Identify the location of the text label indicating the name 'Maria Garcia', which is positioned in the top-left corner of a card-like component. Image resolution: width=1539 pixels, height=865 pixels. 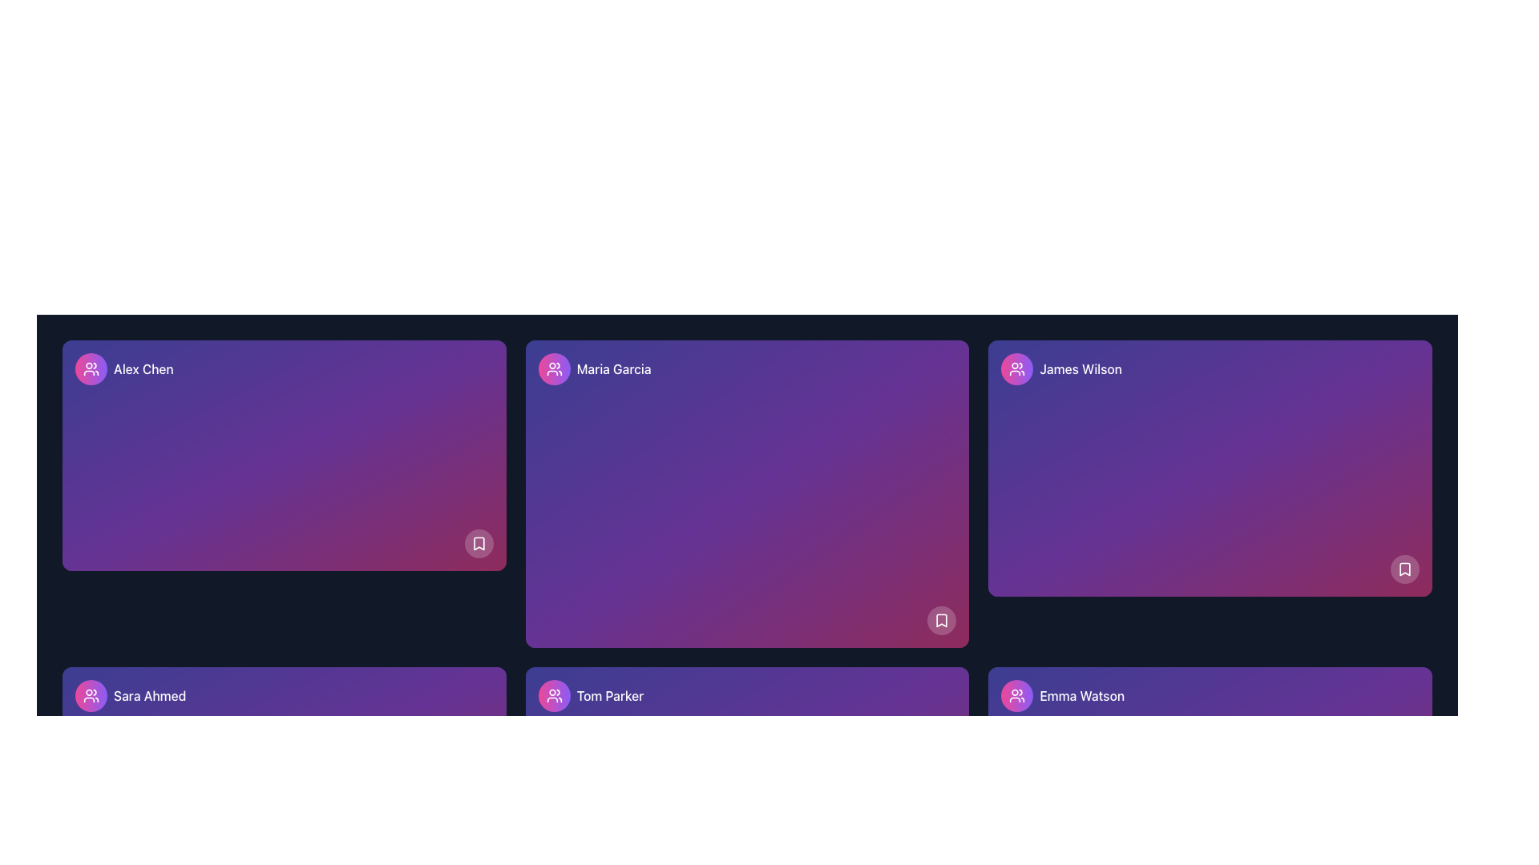
(613, 369).